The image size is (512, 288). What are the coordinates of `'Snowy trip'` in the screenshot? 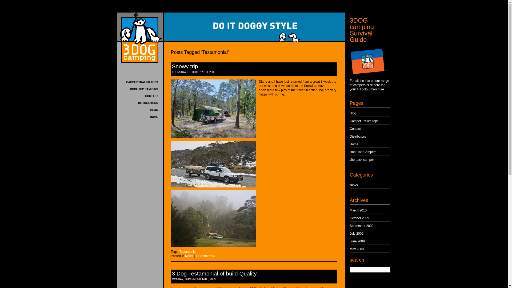 It's located at (171, 66).